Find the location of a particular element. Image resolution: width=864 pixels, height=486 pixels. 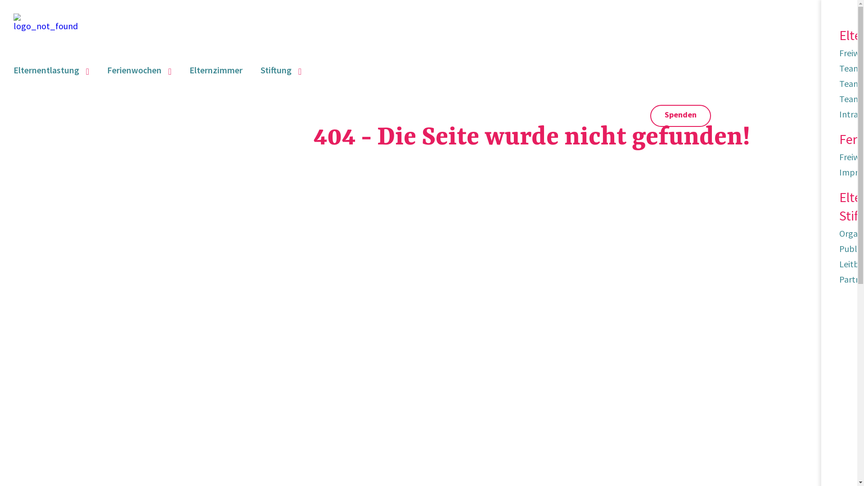

'Stiftung' is located at coordinates (260, 69).